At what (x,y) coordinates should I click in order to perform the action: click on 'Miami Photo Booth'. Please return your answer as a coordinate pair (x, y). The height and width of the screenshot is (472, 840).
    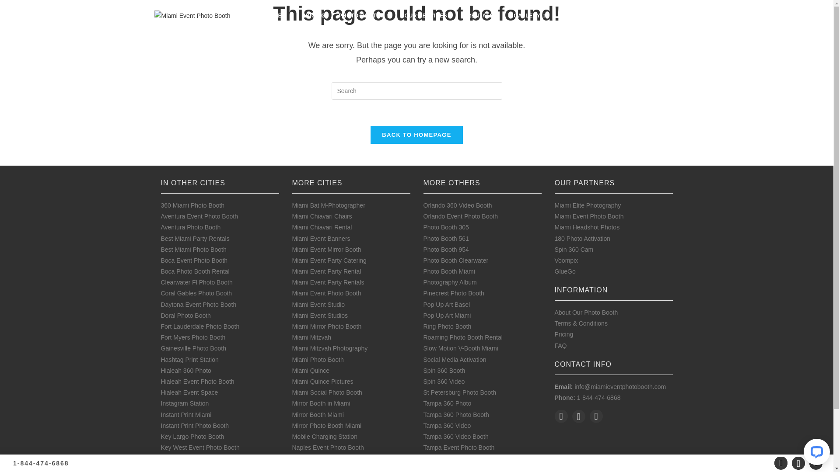
    Looking at the image, I should click on (317, 359).